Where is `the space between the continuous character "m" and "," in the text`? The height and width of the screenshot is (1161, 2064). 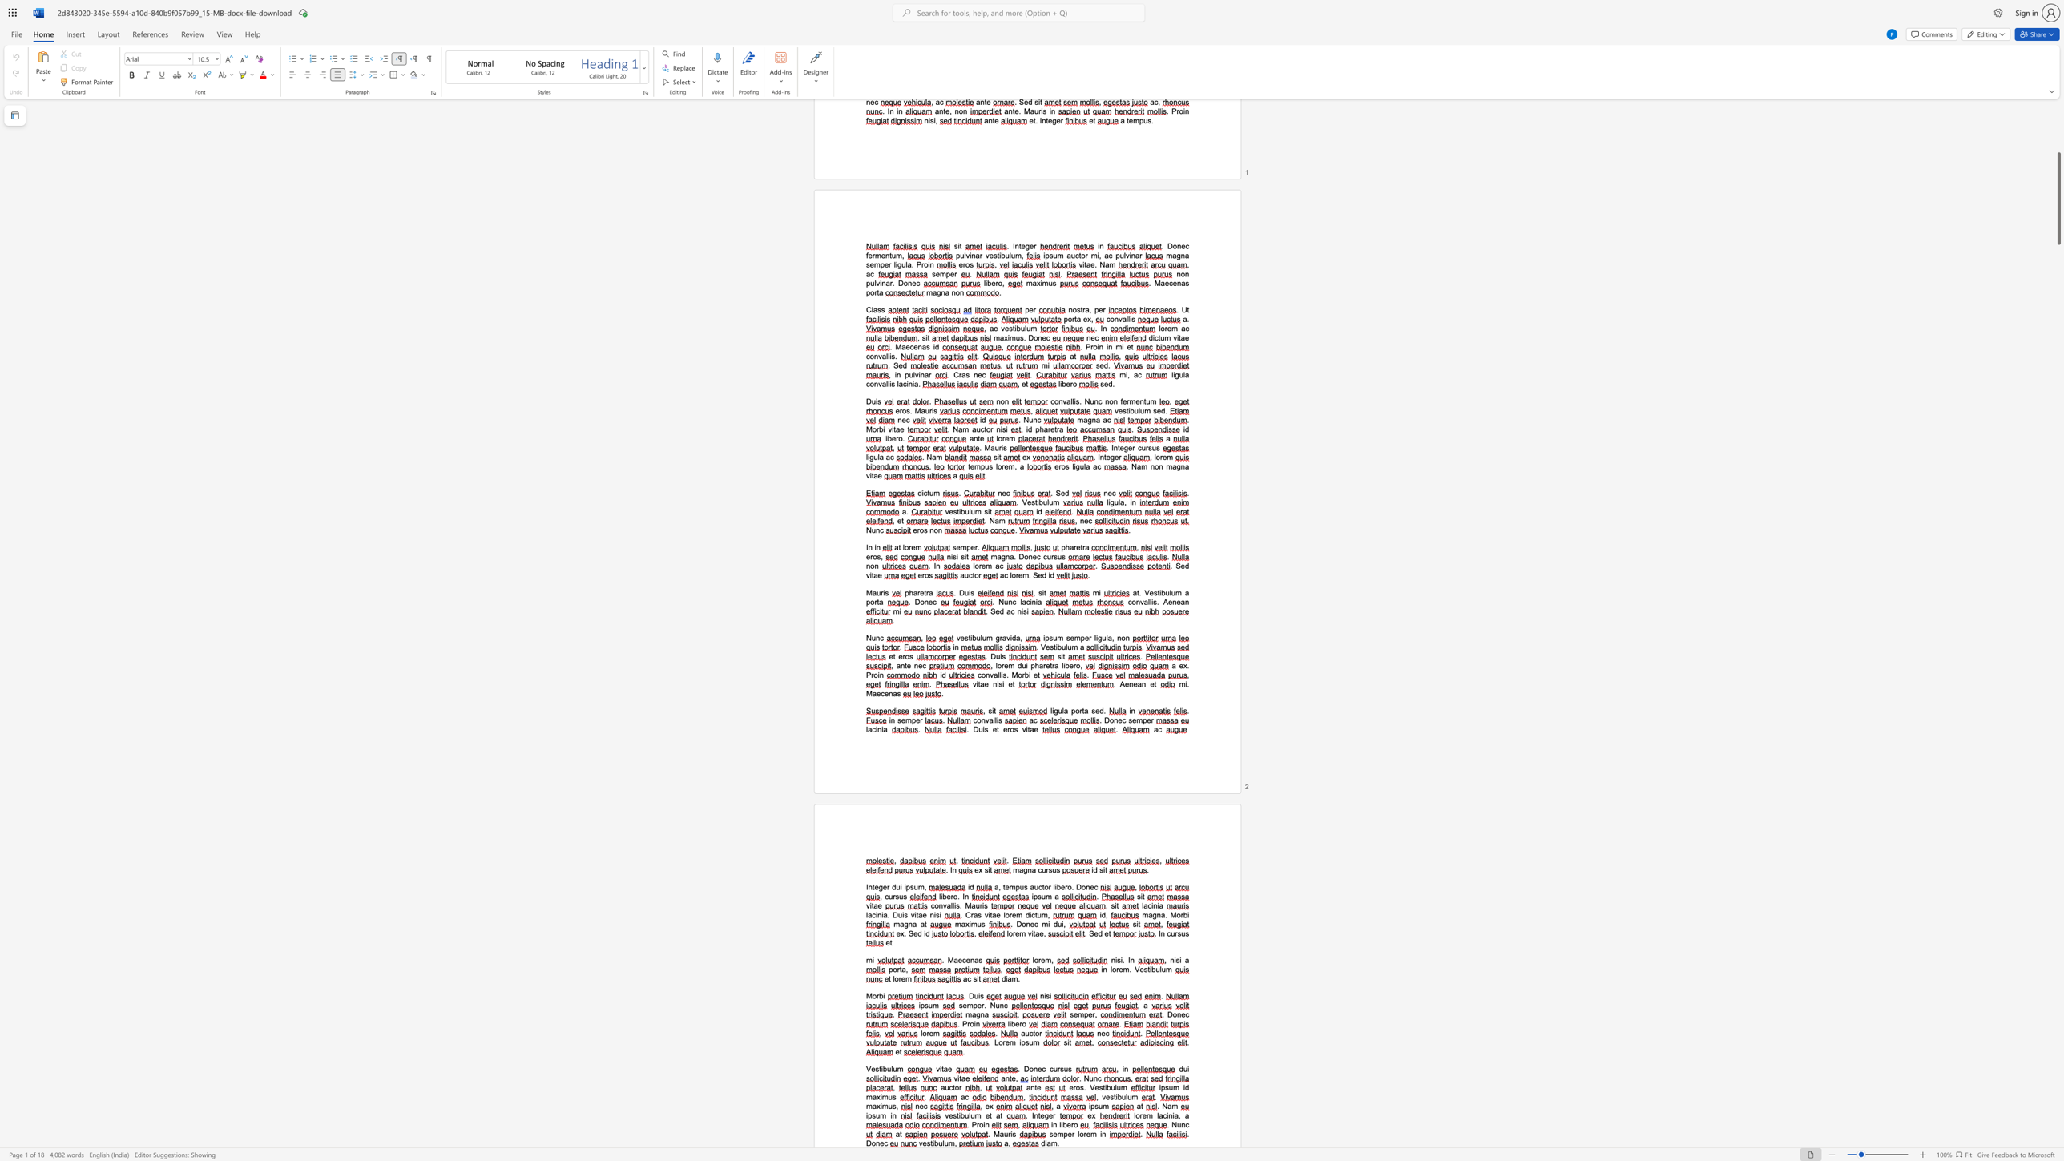
the space between the continuous character "m" and "," in the text is located at coordinates (953, 1143).